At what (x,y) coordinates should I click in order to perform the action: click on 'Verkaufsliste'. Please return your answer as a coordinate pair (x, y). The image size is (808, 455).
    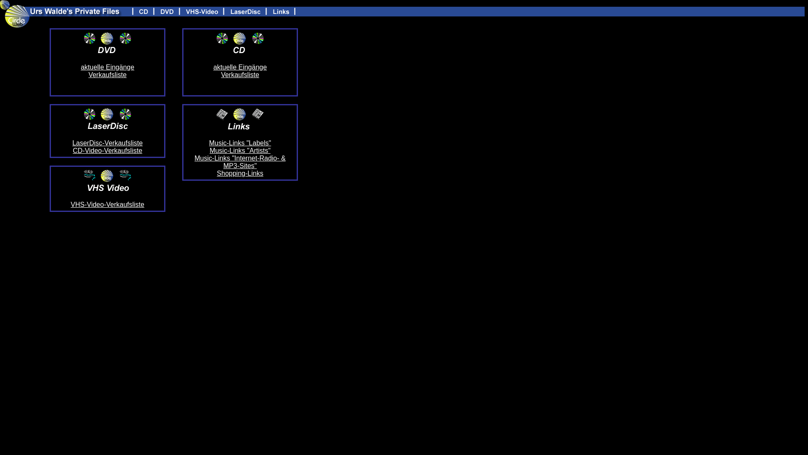
    Looking at the image, I should click on (239, 74).